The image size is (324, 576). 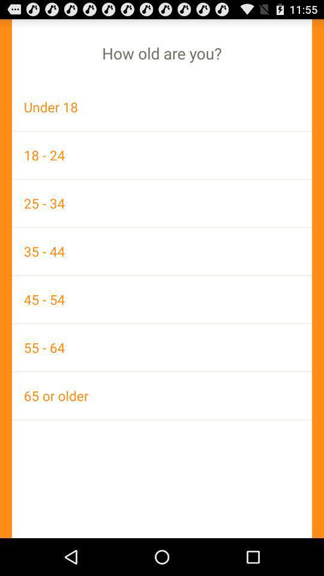 What do you see at coordinates (162, 299) in the screenshot?
I see `item below 35 - 44 item` at bounding box center [162, 299].